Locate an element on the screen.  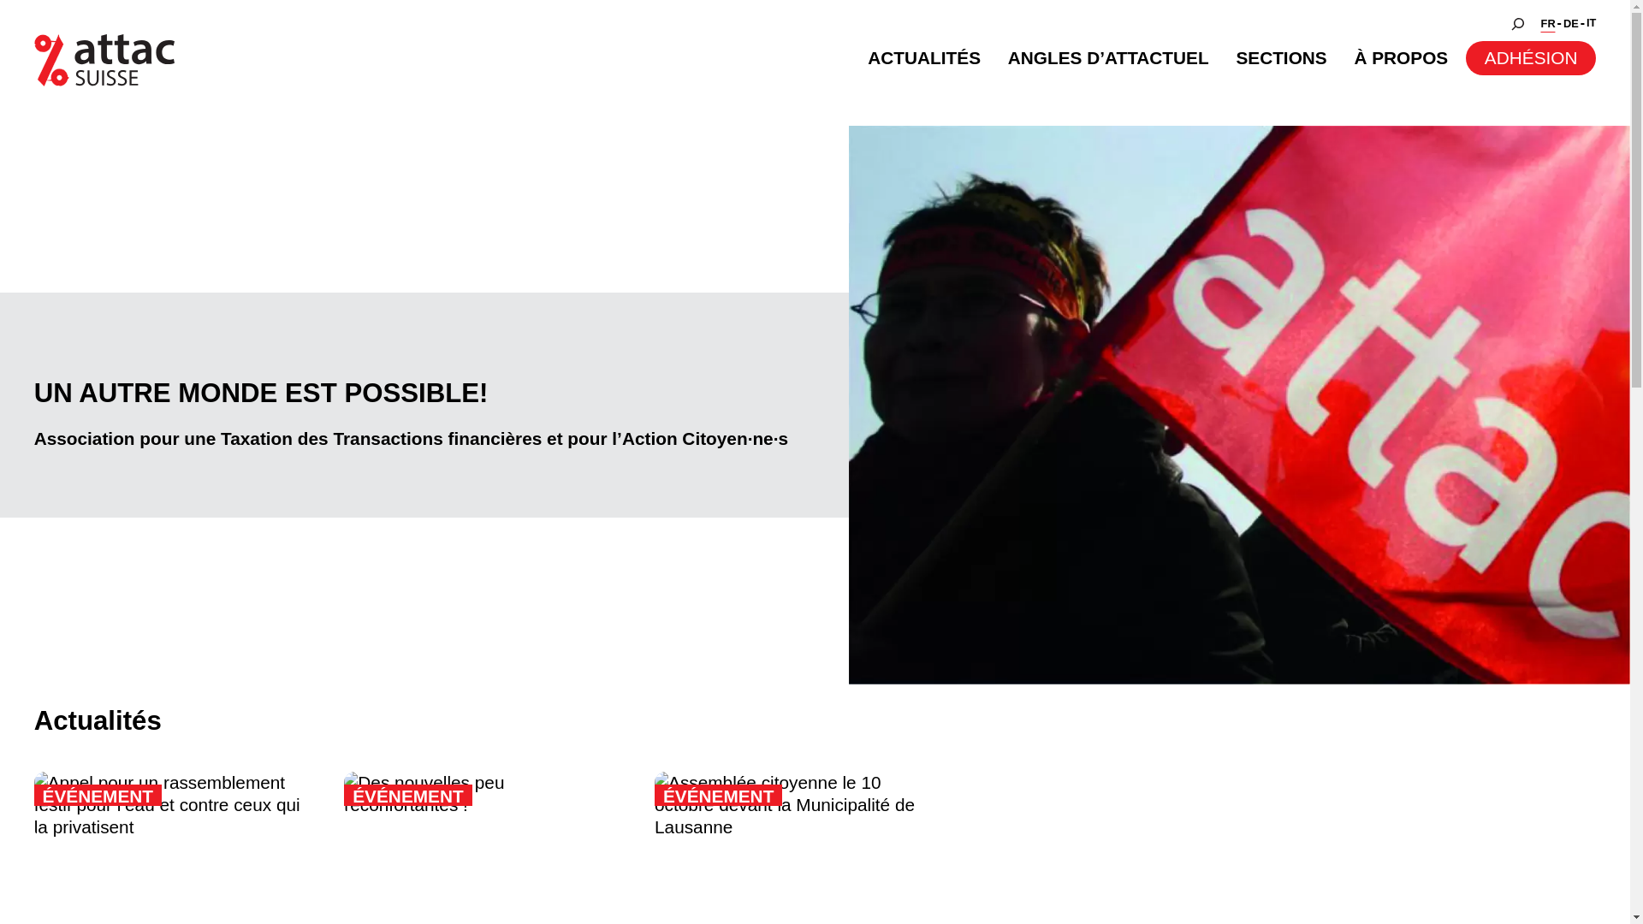
'DE' is located at coordinates (1571, 24).